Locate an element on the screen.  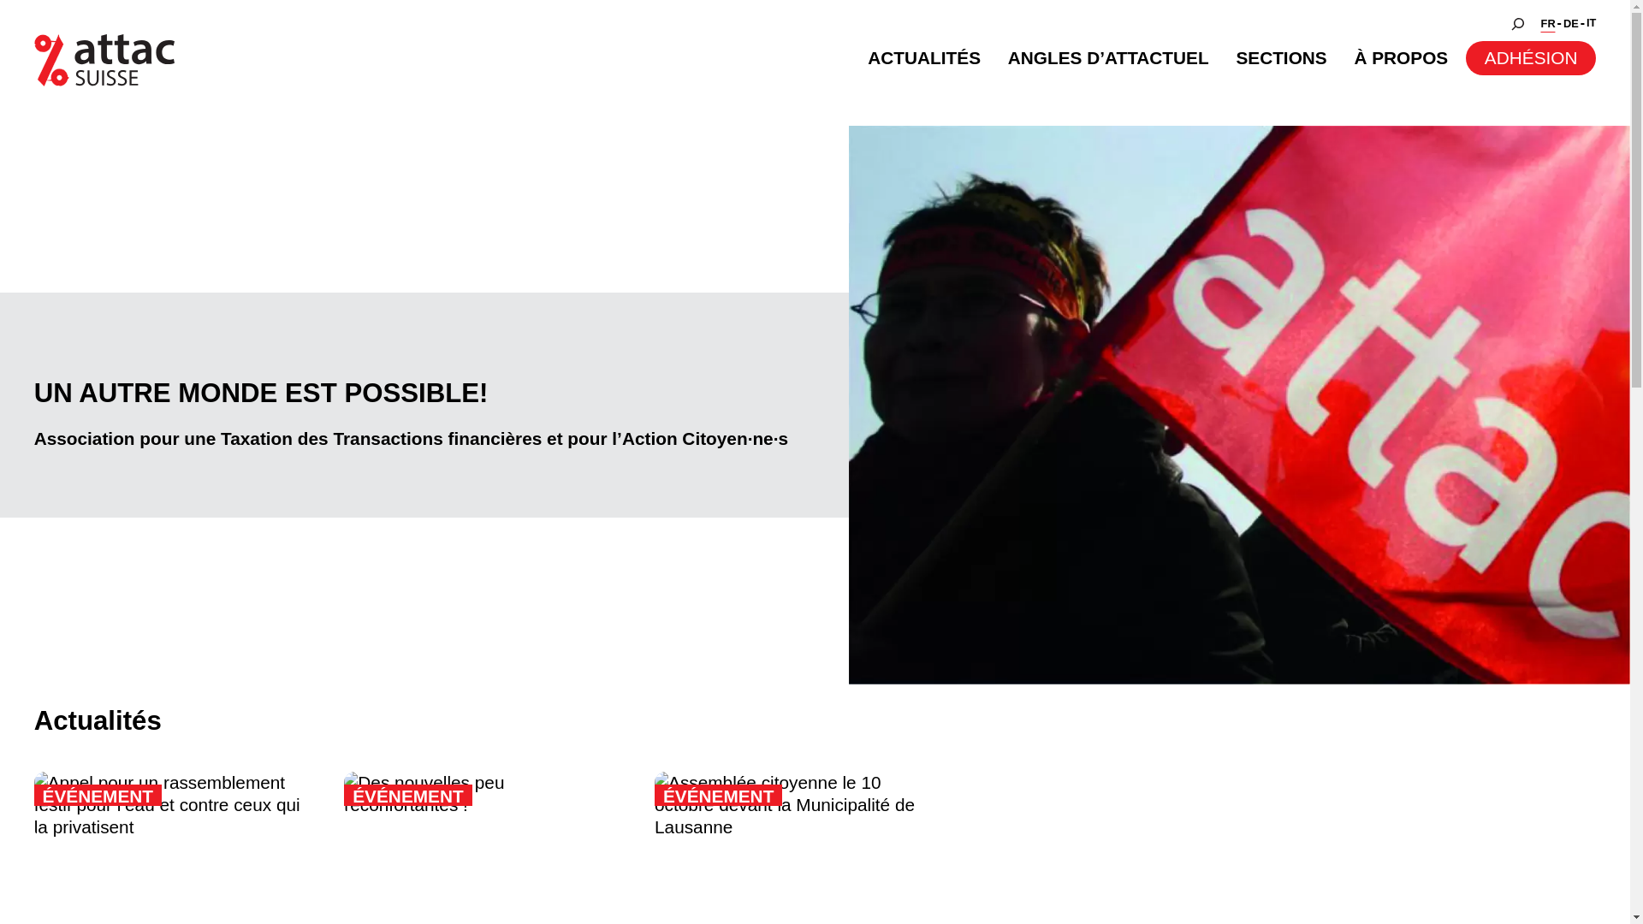
'DE' is located at coordinates (1571, 24).